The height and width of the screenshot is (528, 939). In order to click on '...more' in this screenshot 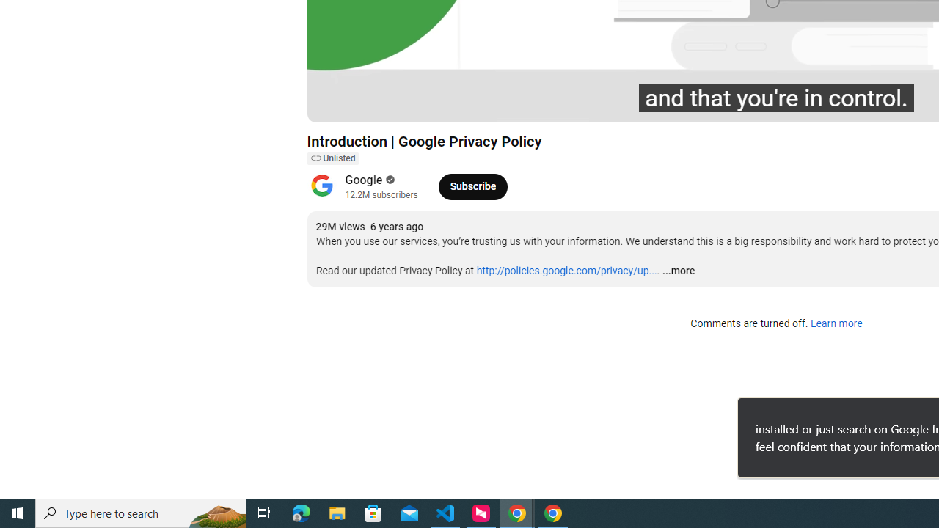, I will do `click(677, 271)`.